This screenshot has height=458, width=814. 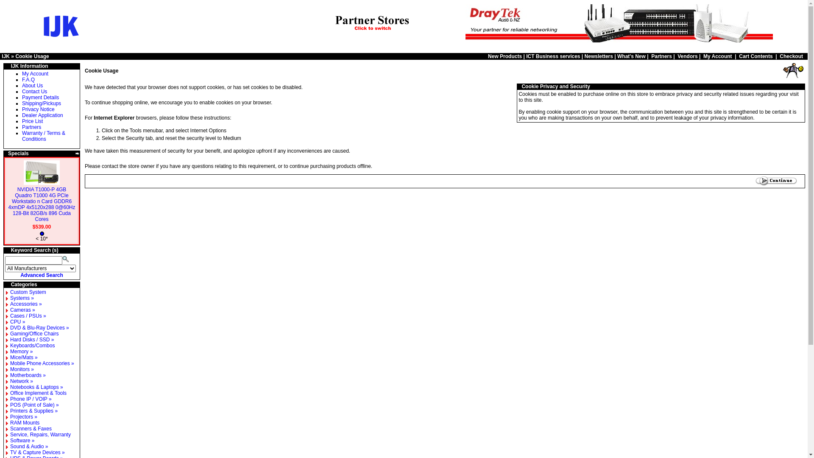 What do you see at coordinates (38, 393) in the screenshot?
I see `'Office Implement & Tools'` at bounding box center [38, 393].